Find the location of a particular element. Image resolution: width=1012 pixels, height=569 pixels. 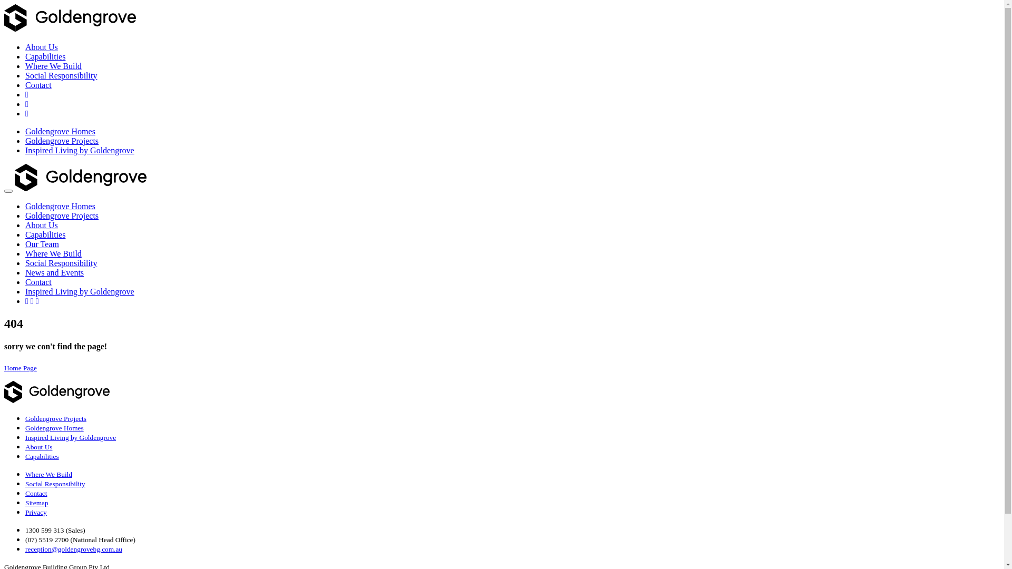

'Inspired Living by Goldengrove' is located at coordinates (79, 150).